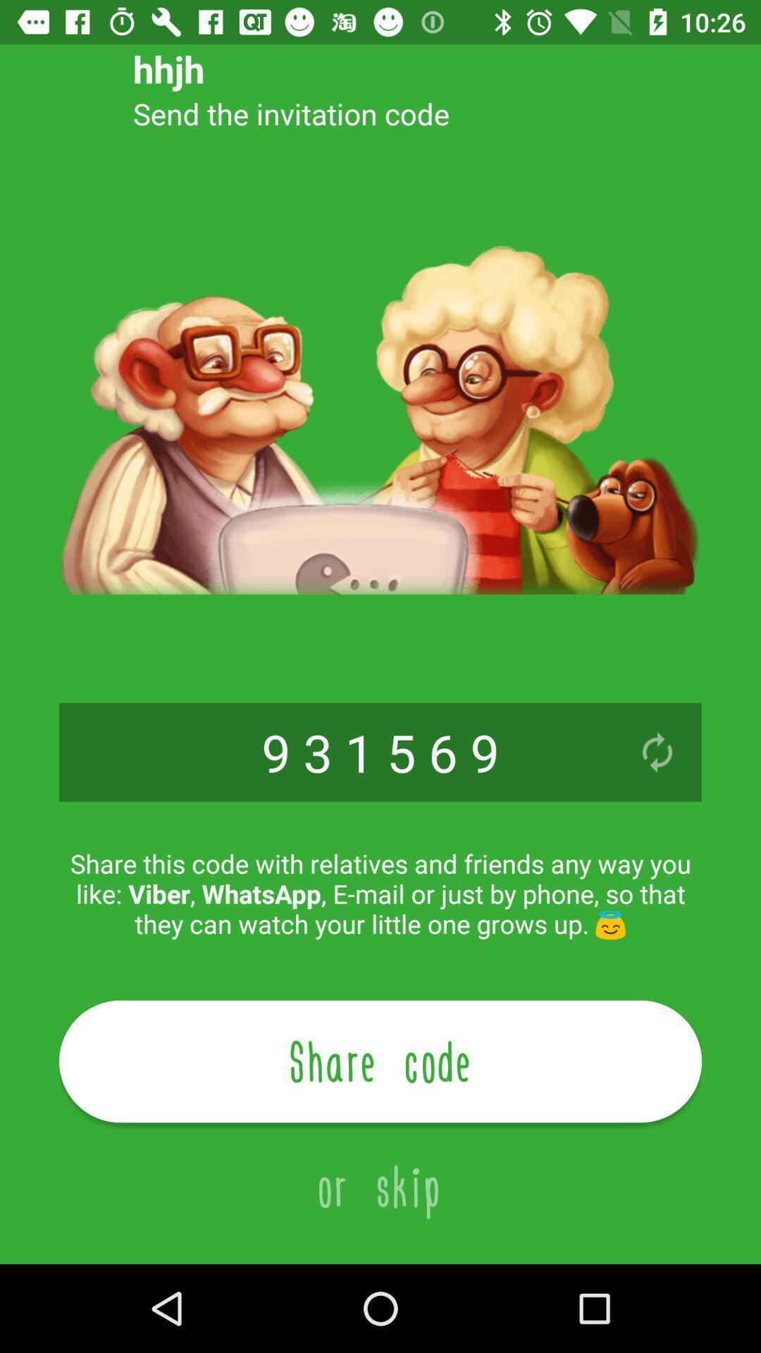  I want to click on the icon on the right, so click(657, 751).